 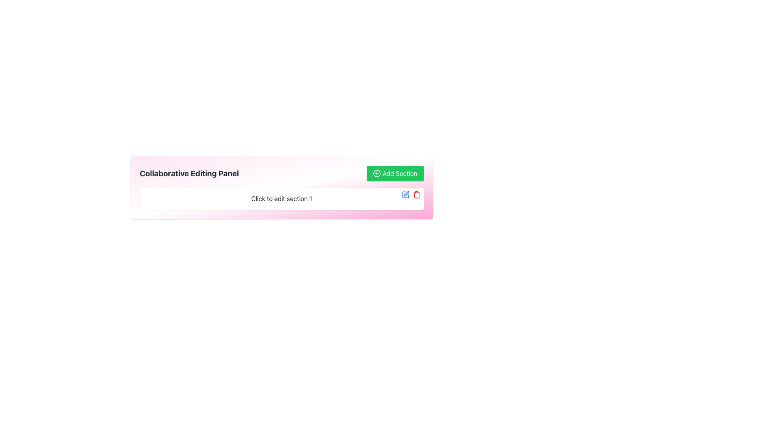 What do you see at coordinates (282, 198) in the screenshot?
I see `the text label displaying 'Click to edit section 1', which is located below the 'Collaborative Editing Panel' header and near editing action icons` at bounding box center [282, 198].